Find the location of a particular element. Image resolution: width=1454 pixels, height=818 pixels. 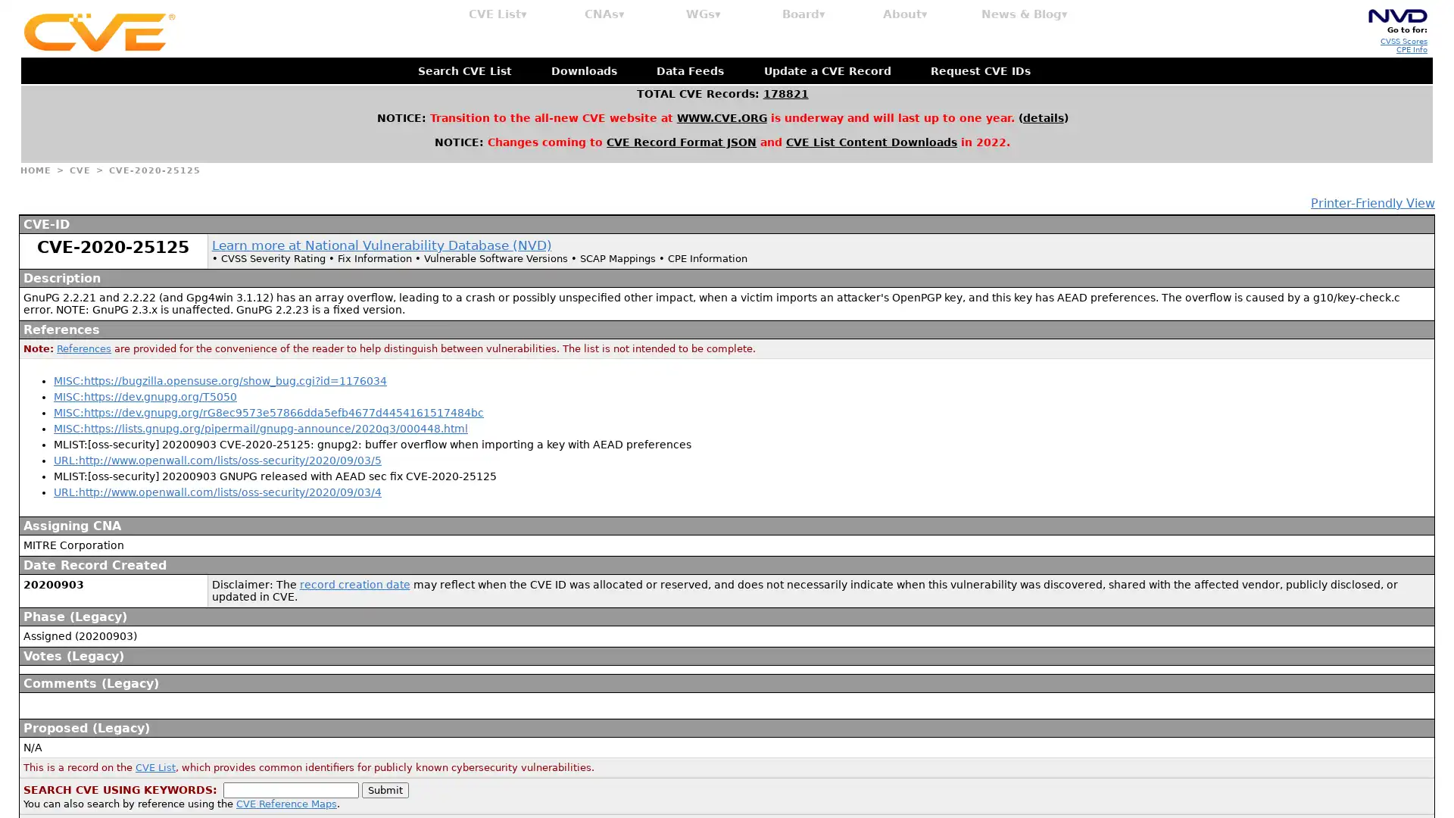

About is located at coordinates (905, 14).